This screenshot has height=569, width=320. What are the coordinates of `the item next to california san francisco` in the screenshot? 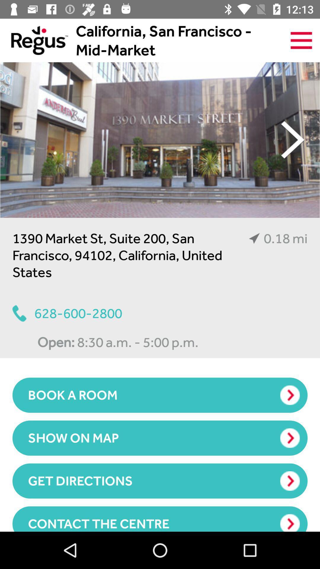 It's located at (34, 40).